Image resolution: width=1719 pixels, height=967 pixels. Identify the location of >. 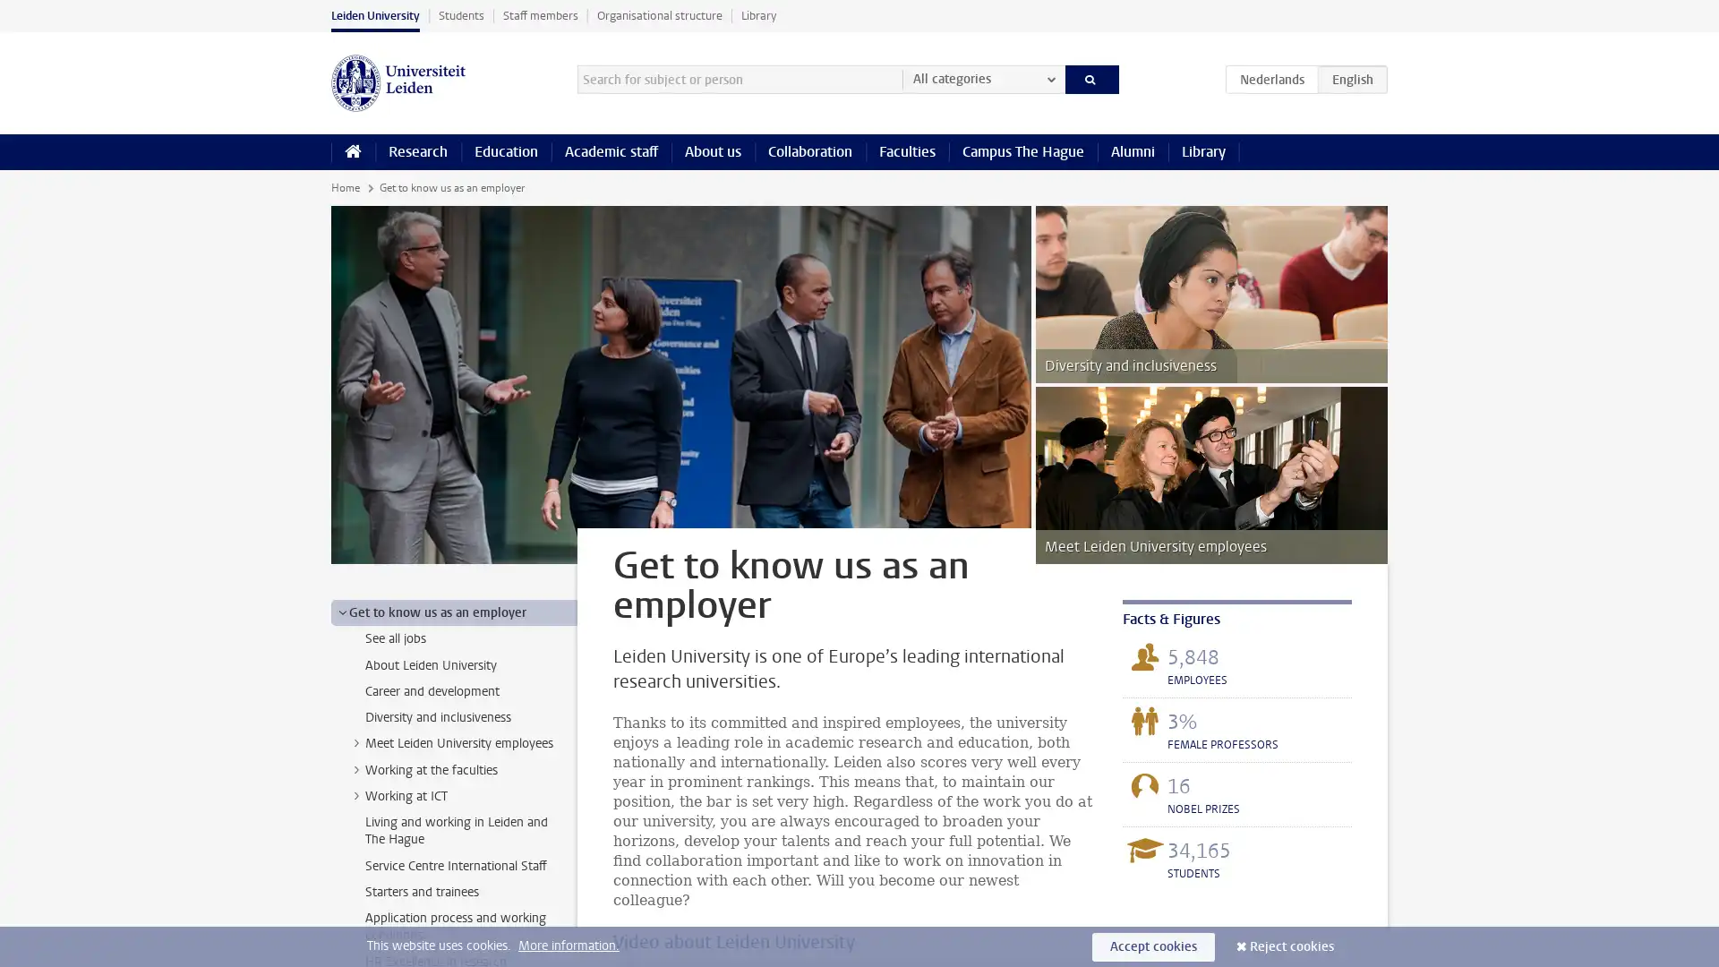
(356, 742).